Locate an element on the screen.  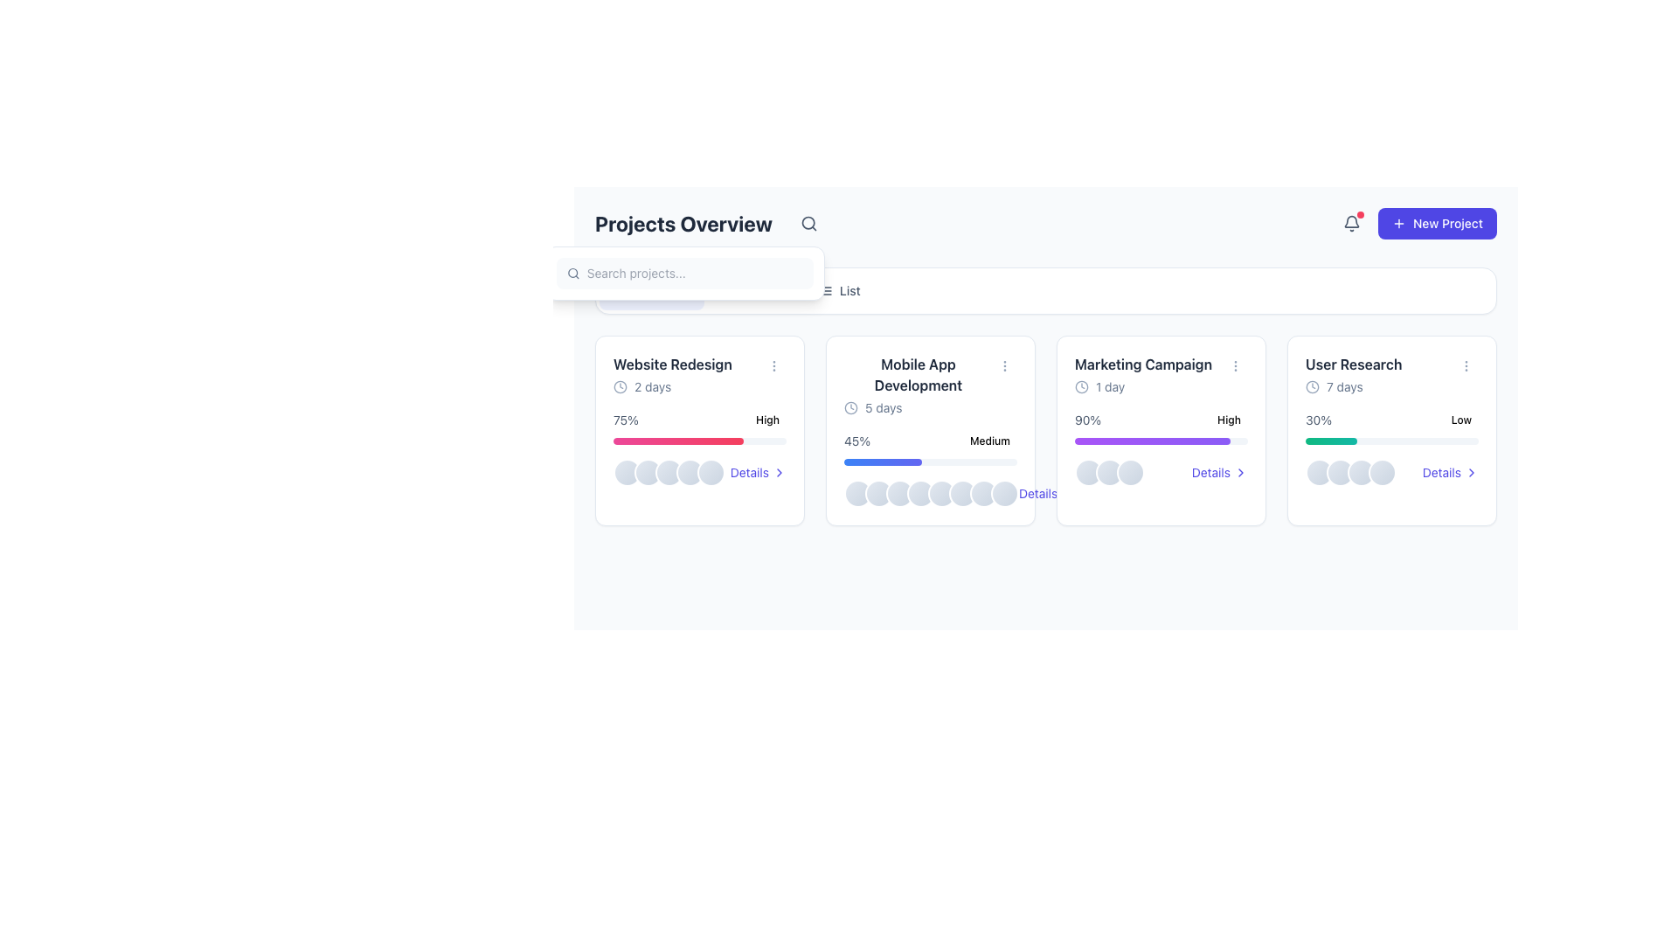
the text link located in the bottom-right section of the 'Website Redesign' card is located at coordinates (749, 472).